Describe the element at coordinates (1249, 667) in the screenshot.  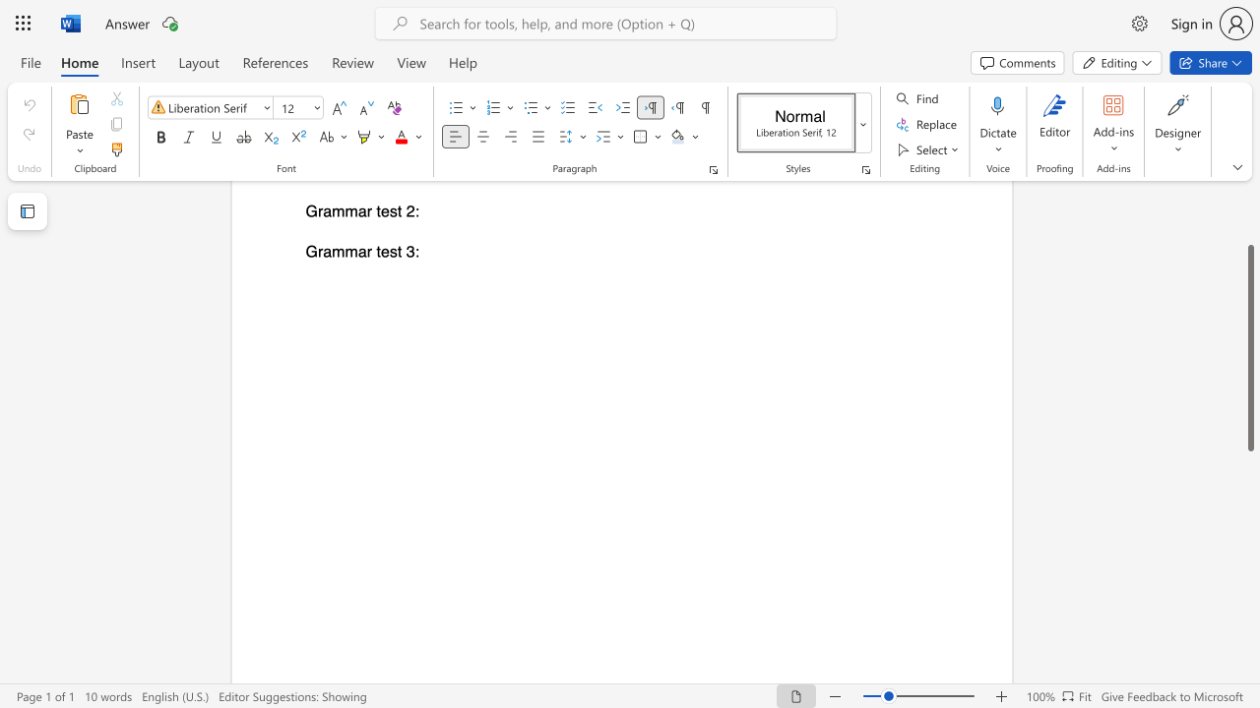
I see `the scrollbar on the right` at that location.